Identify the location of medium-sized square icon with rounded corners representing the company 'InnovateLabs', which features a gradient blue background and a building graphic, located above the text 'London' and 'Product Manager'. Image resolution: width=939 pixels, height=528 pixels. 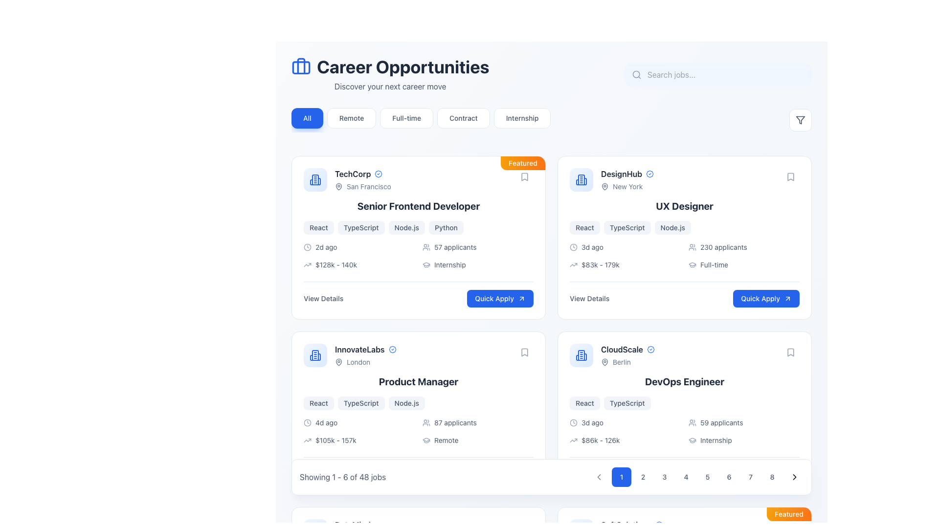
(315, 355).